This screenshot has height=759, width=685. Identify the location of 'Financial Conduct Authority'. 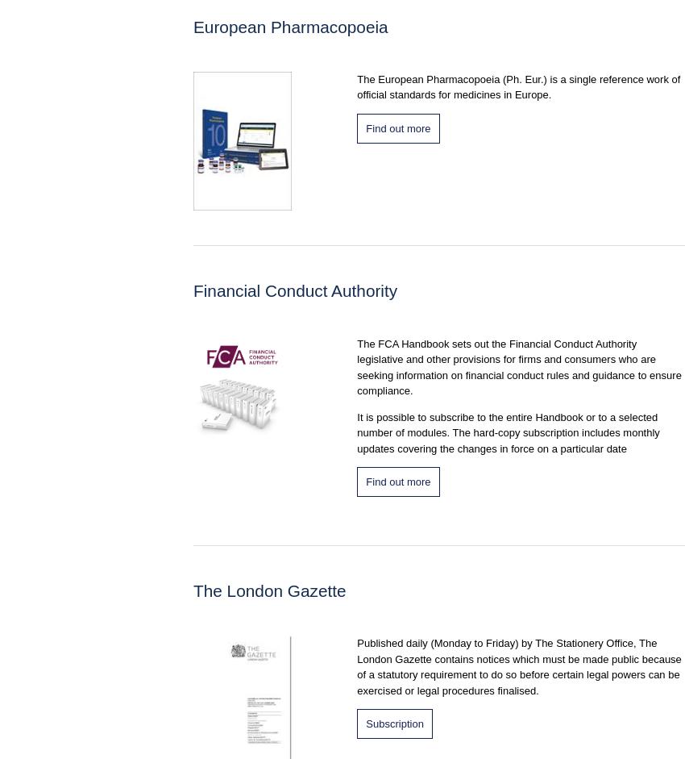
(193, 290).